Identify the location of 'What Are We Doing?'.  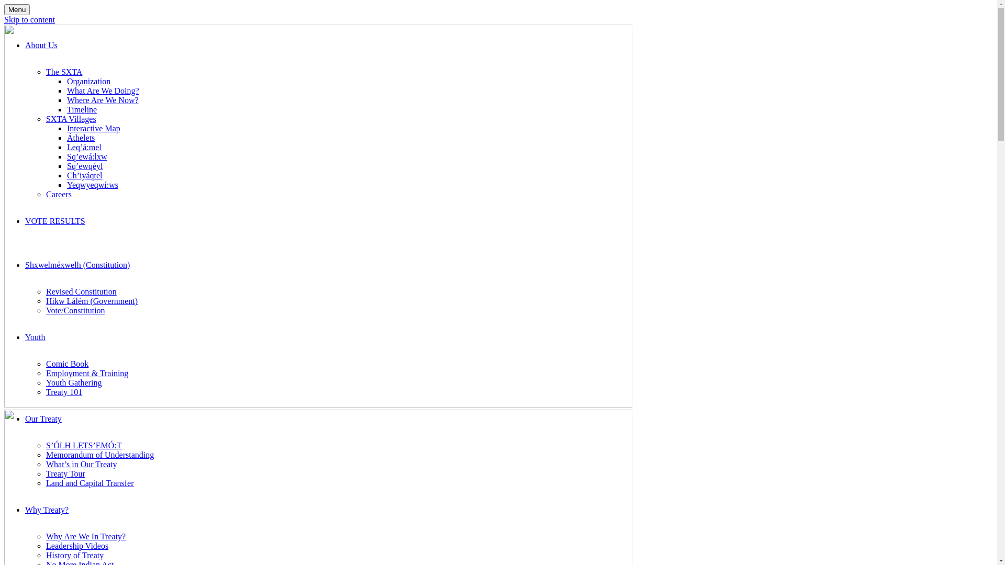
(103, 90).